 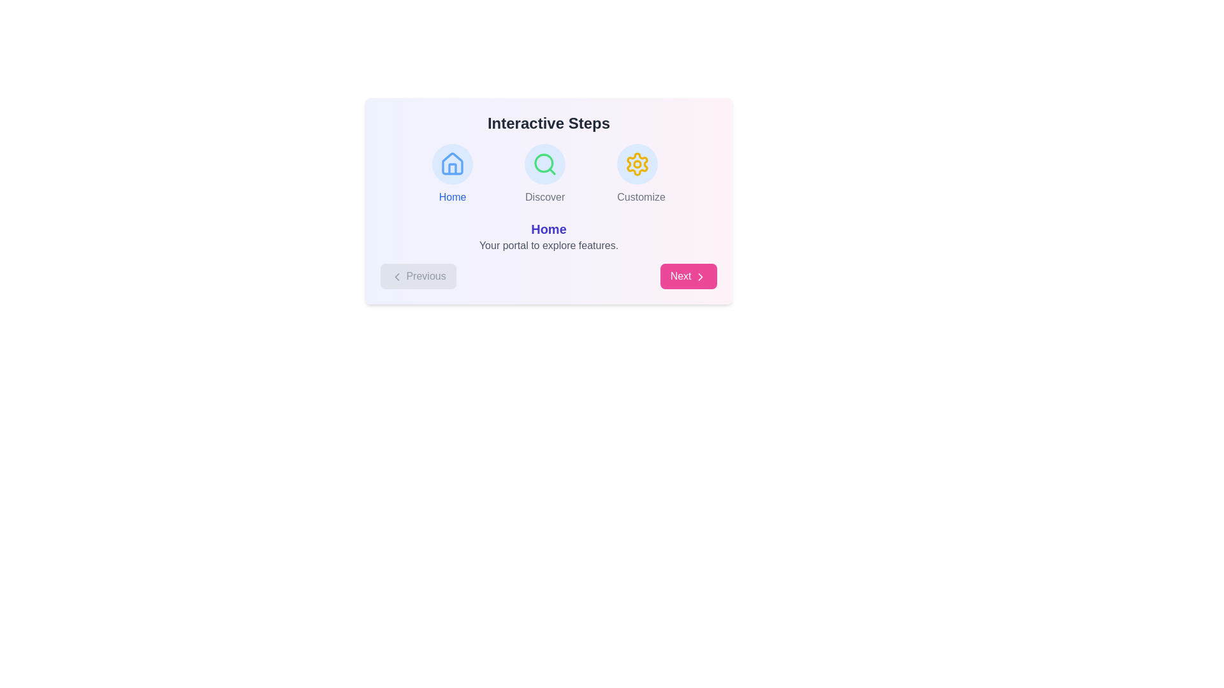 I want to click on the roofline portion of the house icon in the 'Interactive Steps' section, which is positioned on the left-hand side among the icons labeled 'Home', 'Discover', and 'Customize', so click(x=453, y=163).